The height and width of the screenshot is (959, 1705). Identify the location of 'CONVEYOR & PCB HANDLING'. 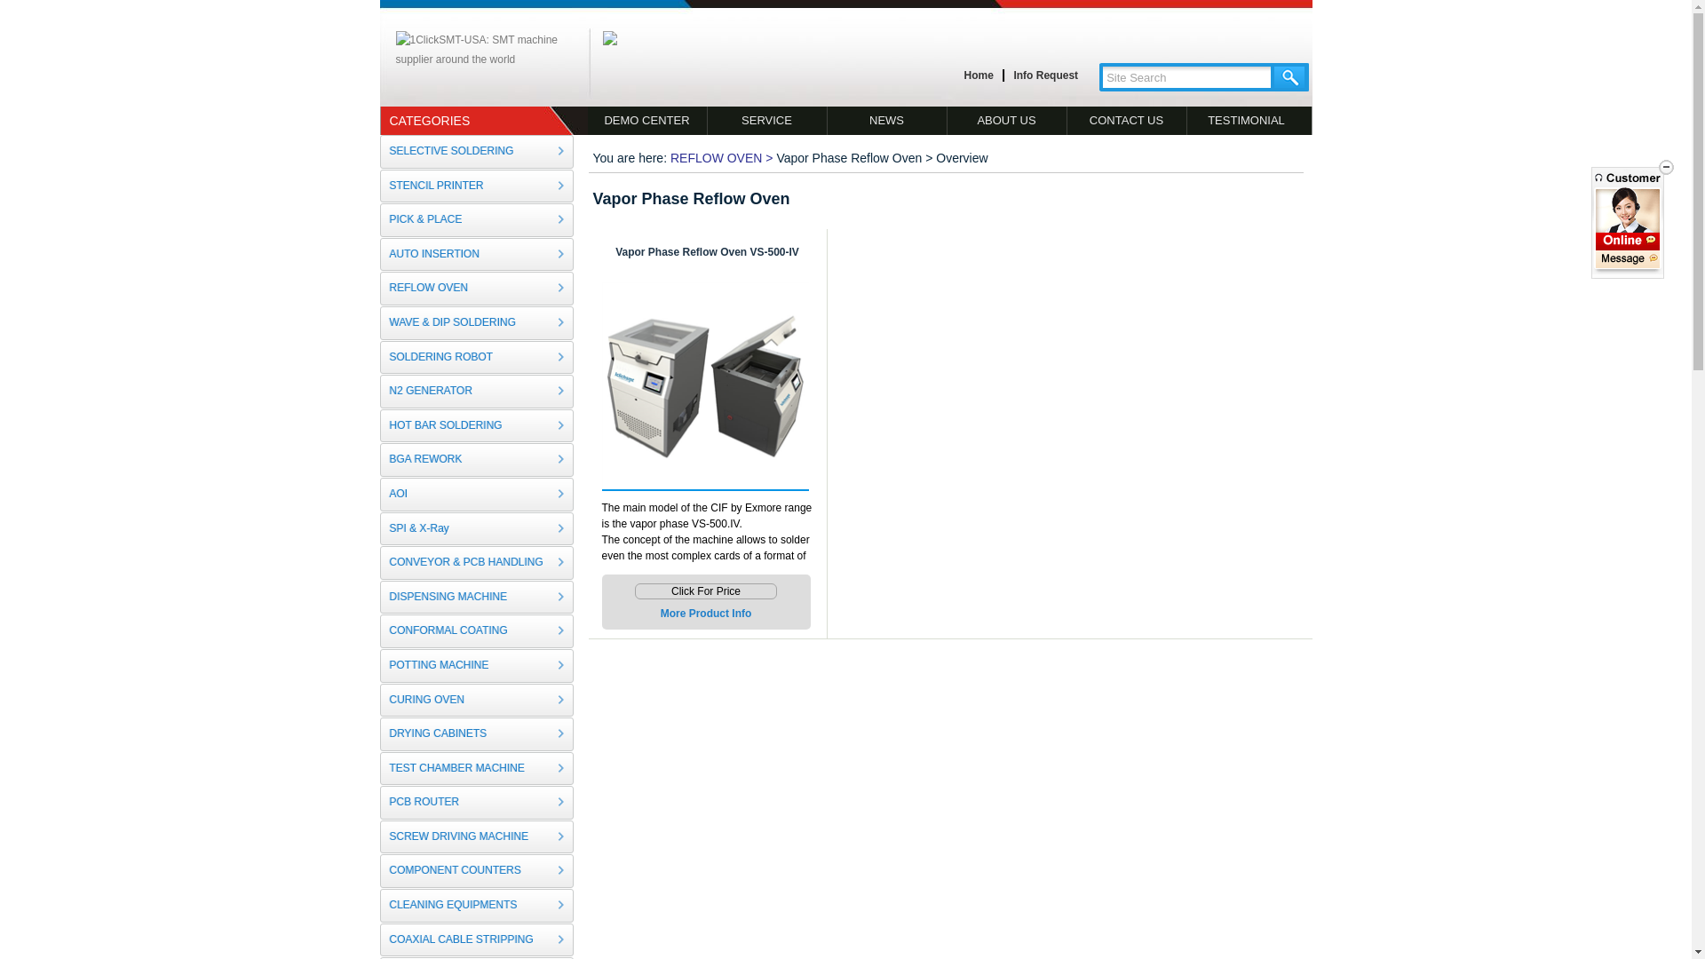
(477, 562).